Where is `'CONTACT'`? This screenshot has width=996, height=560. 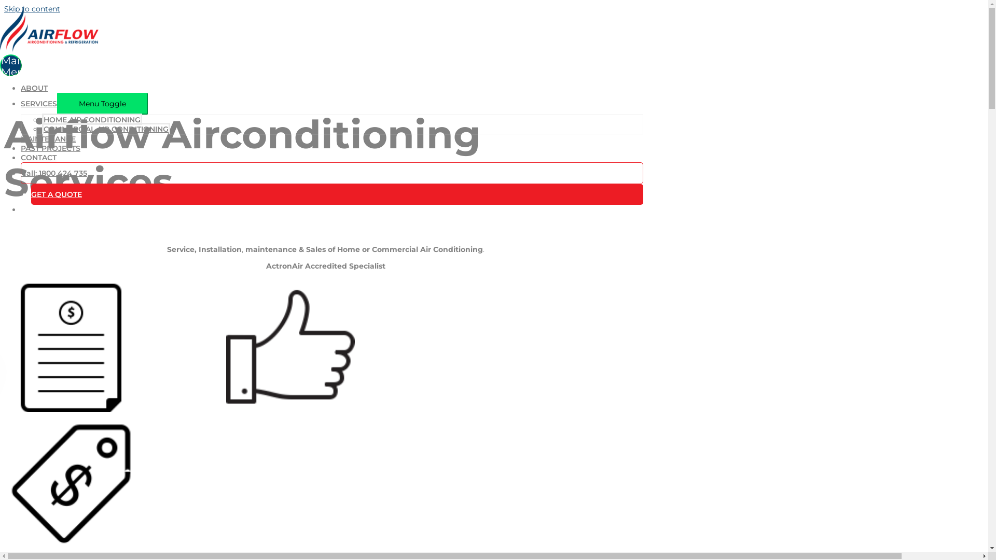 'CONTACT' is located at coordinates (38, 158).